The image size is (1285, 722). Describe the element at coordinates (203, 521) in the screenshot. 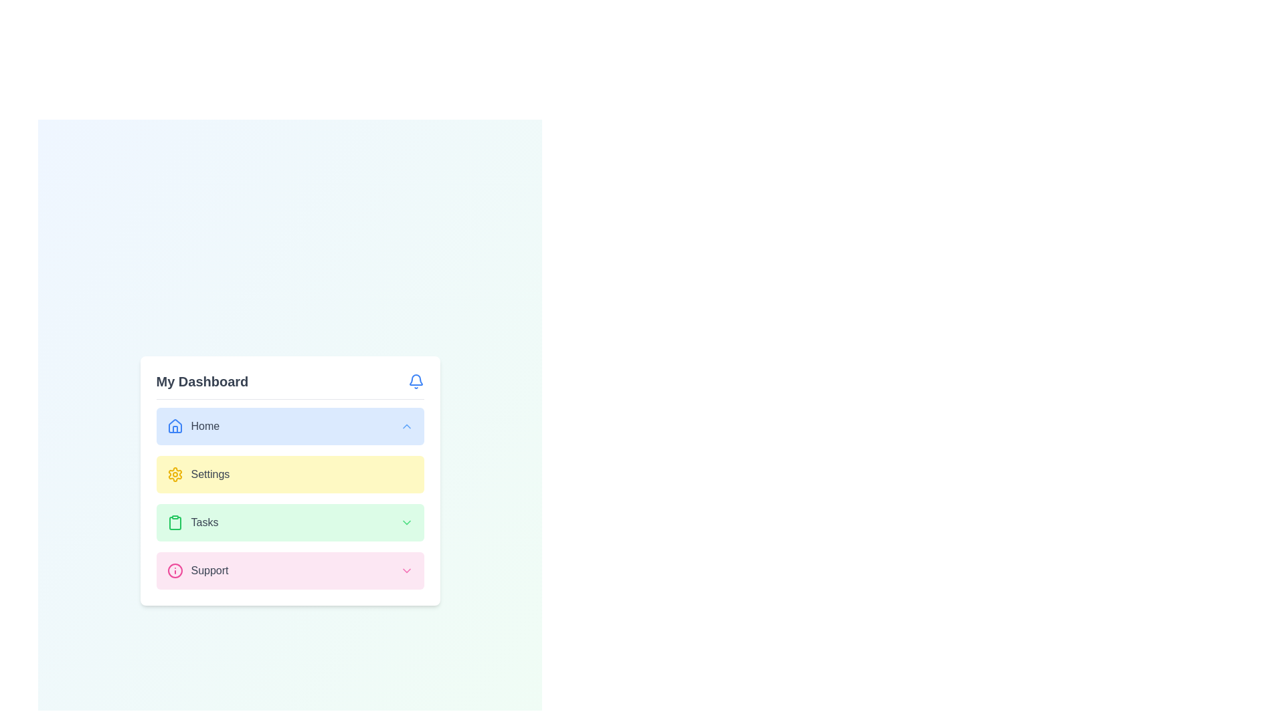

I see `the 'Tasks' text label, which is styled with a medium font weight and gray color, located in the light green section of the UI` at that location.